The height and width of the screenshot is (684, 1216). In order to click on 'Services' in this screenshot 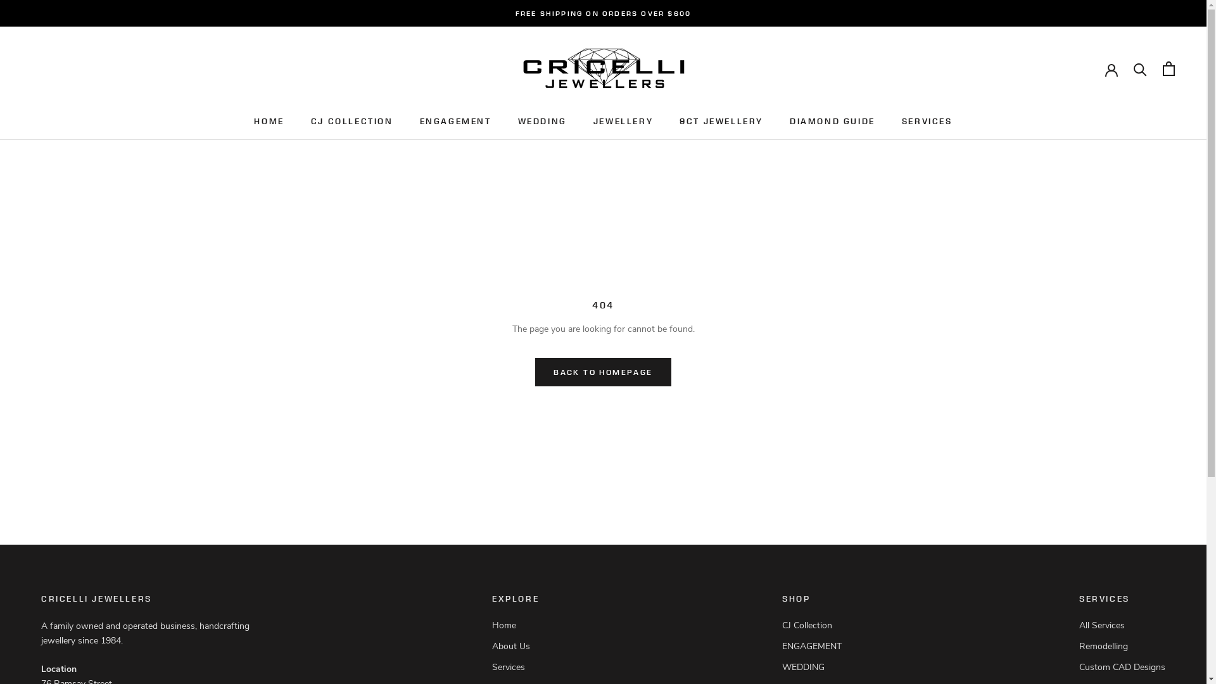, I will do `click(522, 666)`.